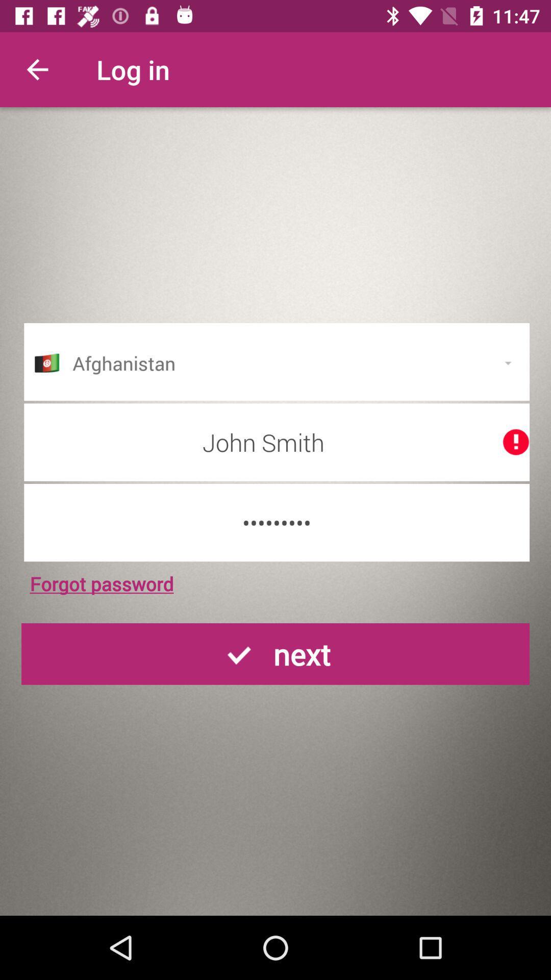 The width and height of the screenshot is (551, 980). Describe the element at coordinates (277, 442) in the screenshot. I see `the icon above the crowd3116 icon` at that location.